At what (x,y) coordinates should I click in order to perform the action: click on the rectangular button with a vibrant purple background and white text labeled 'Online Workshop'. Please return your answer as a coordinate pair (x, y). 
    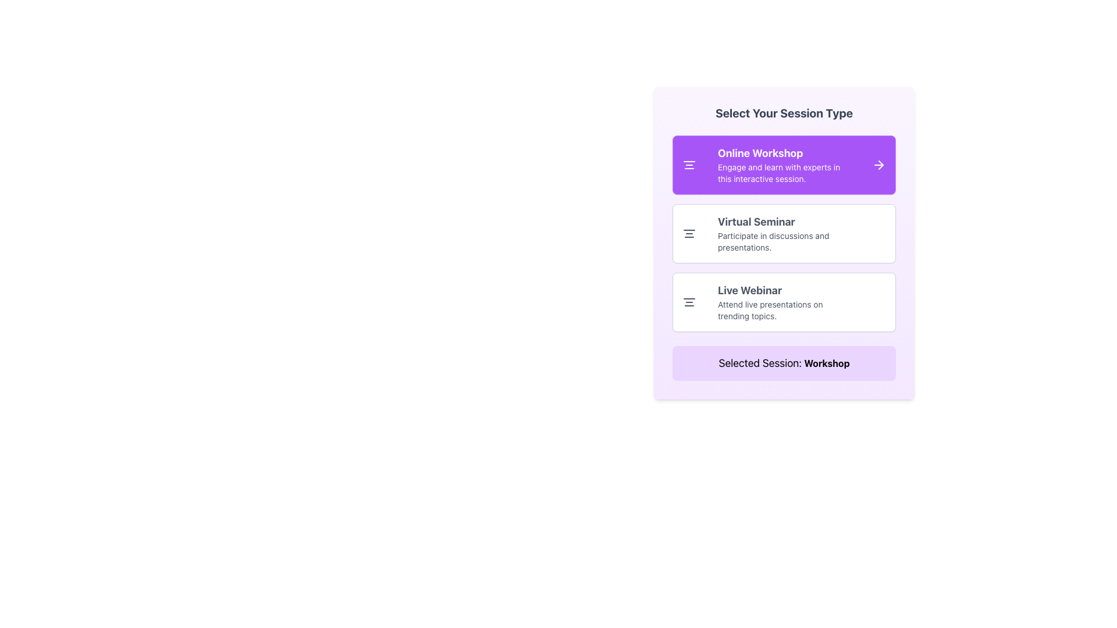
    Looking at the image, I should click on (784, 165).